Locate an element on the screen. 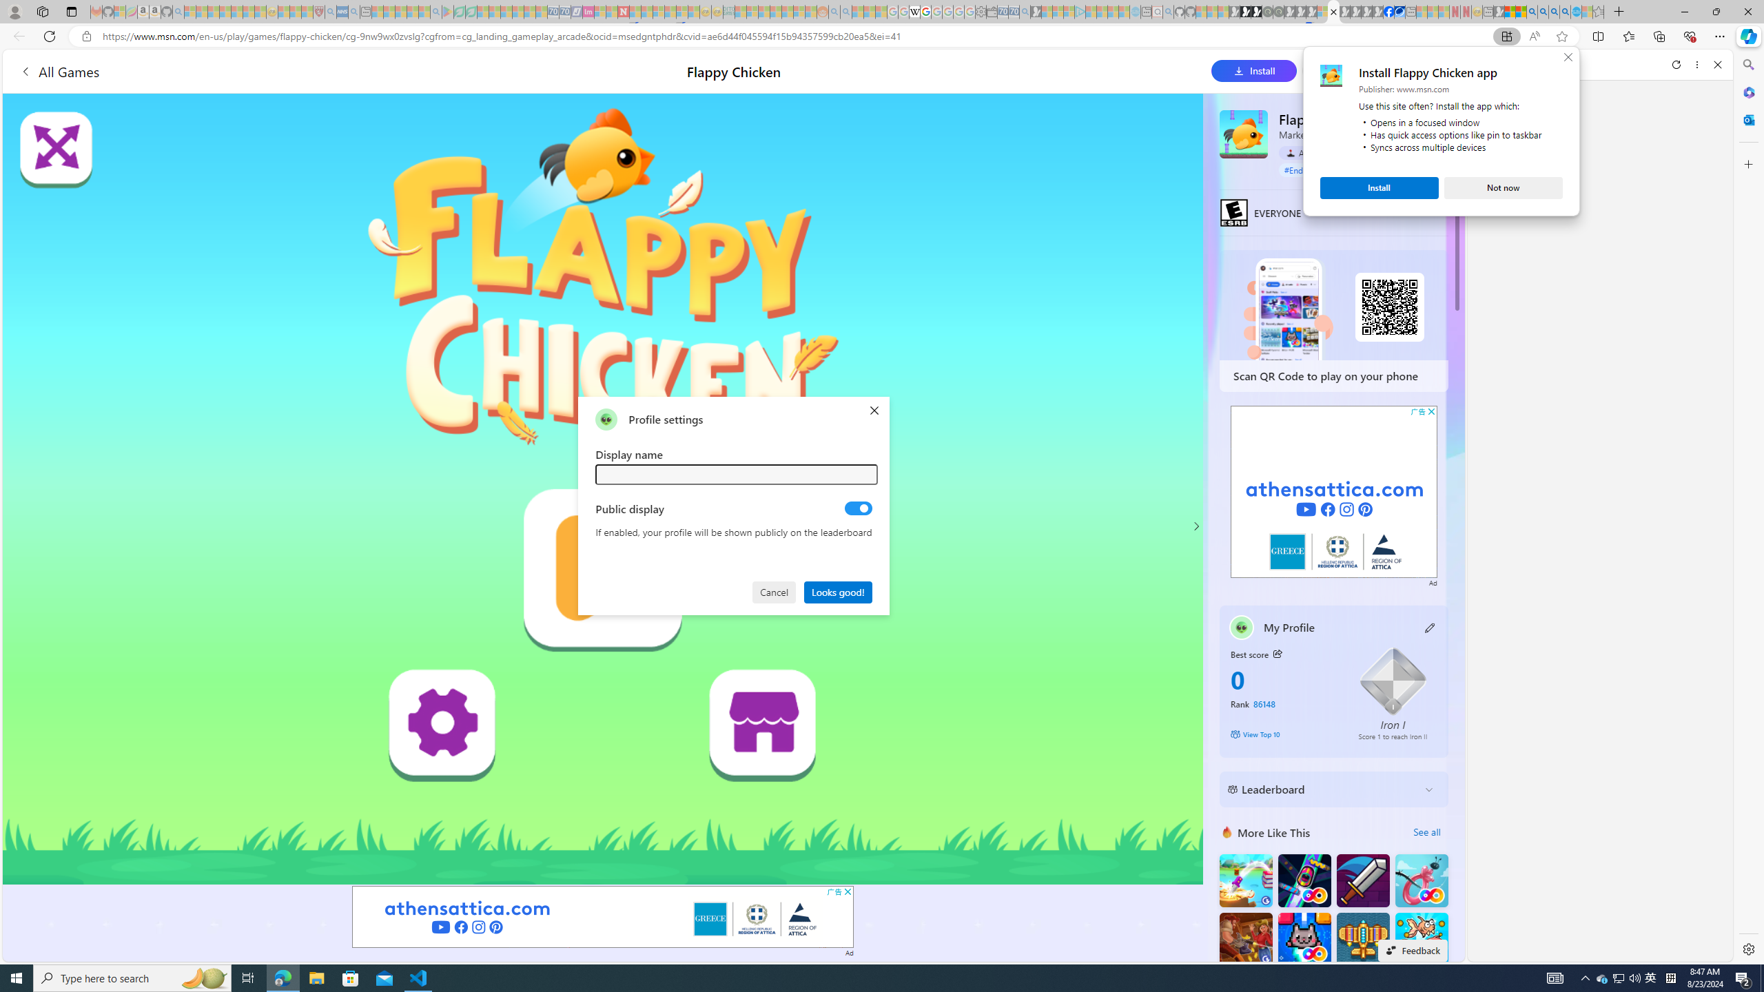 This screenshot has height=992, width=1764. 'Services - Maintenance | Sky Blue Bikes - Sky Blue Bikes' is located at coordinates (1575, 11).